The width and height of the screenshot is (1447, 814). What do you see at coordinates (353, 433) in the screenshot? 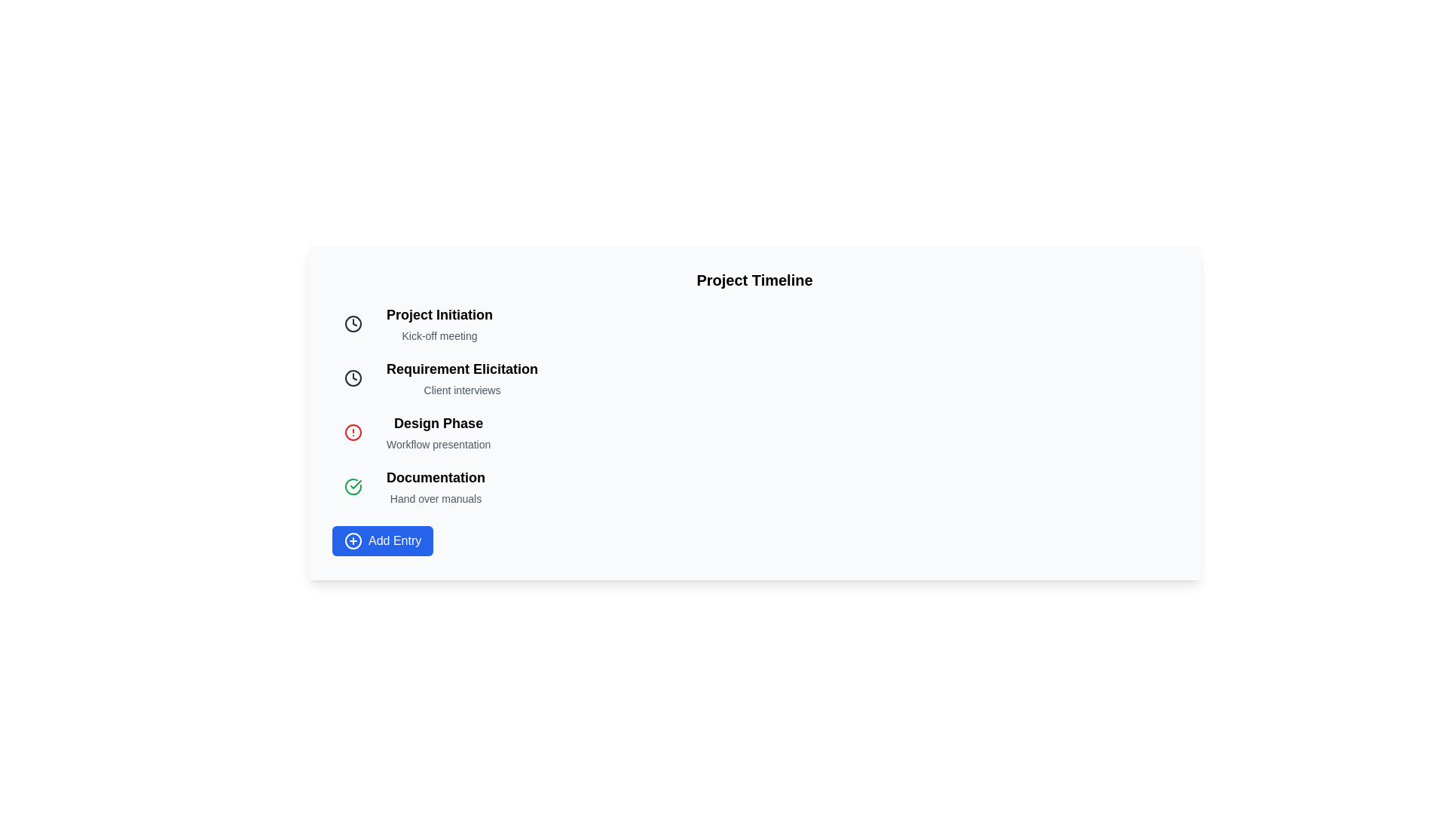
I see `the warning or alert icon located in the third row of the 'Project Timeline' section, next to the 'Design Phase' text` at bounding box center [353, 433].